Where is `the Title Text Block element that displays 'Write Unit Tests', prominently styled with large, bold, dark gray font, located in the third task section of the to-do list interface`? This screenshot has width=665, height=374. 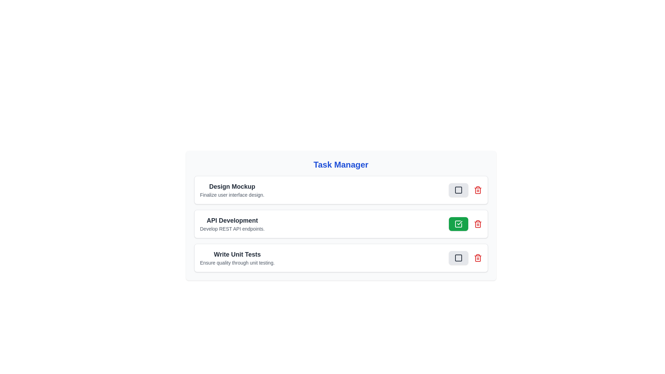 the Title Text Block element that displays 'Write Unit Tests', prominently styled with large, bold, dark gray font, located in the third task section of the to-do list interface is located at coordinates (237, 255).